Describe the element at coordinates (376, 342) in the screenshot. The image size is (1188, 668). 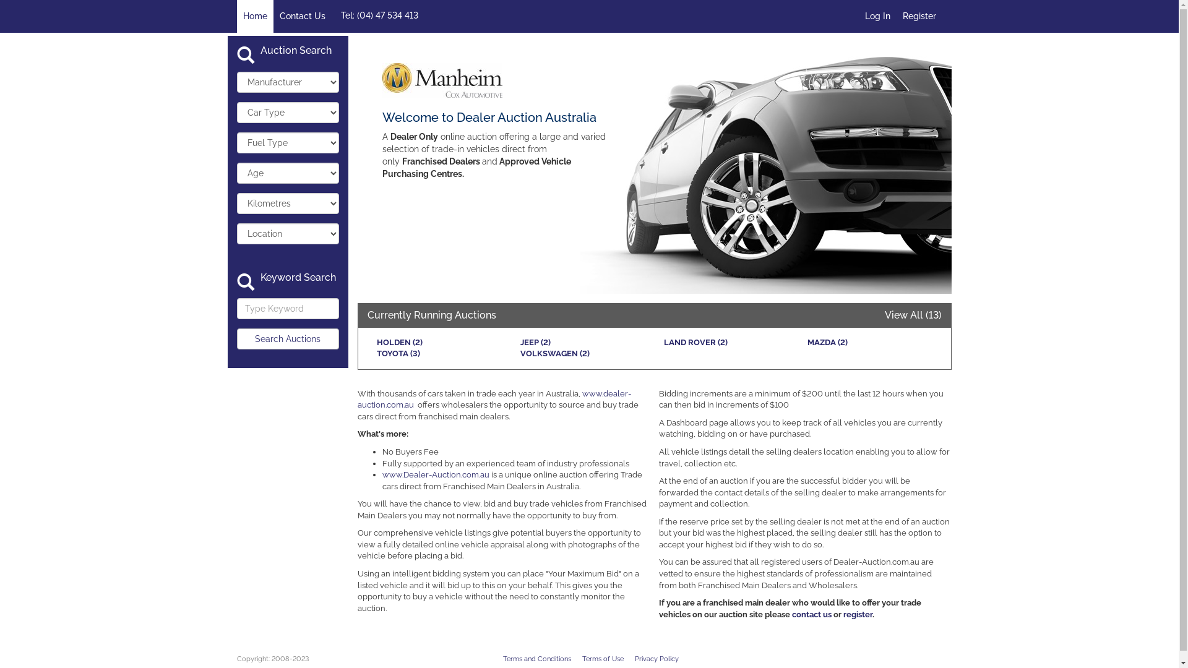
I see `'HOLDEN (2)'` at that location.